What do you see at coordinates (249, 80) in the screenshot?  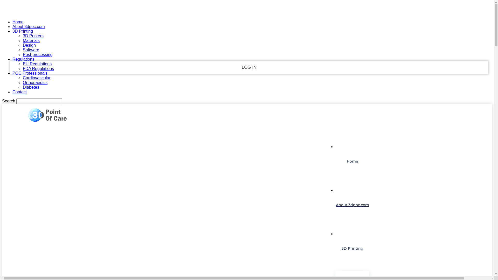 I see `'Forgot your password?'` at bounding box center [249, 80].